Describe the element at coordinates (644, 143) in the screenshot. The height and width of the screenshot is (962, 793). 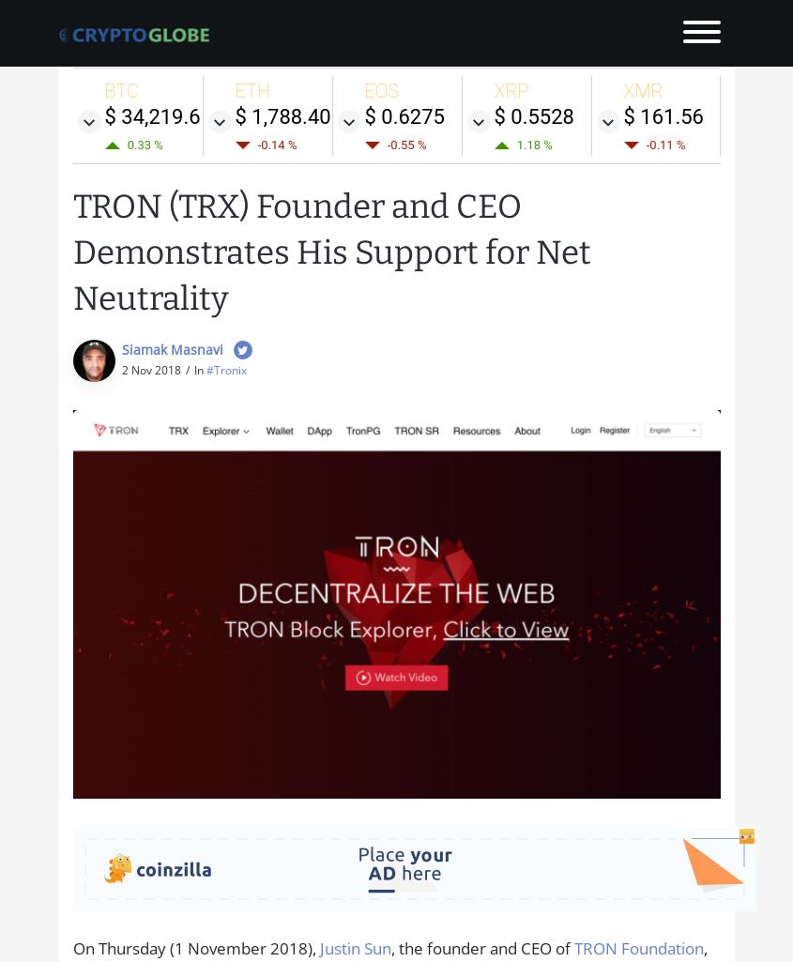
I see `'-0.11 %'` at that location.